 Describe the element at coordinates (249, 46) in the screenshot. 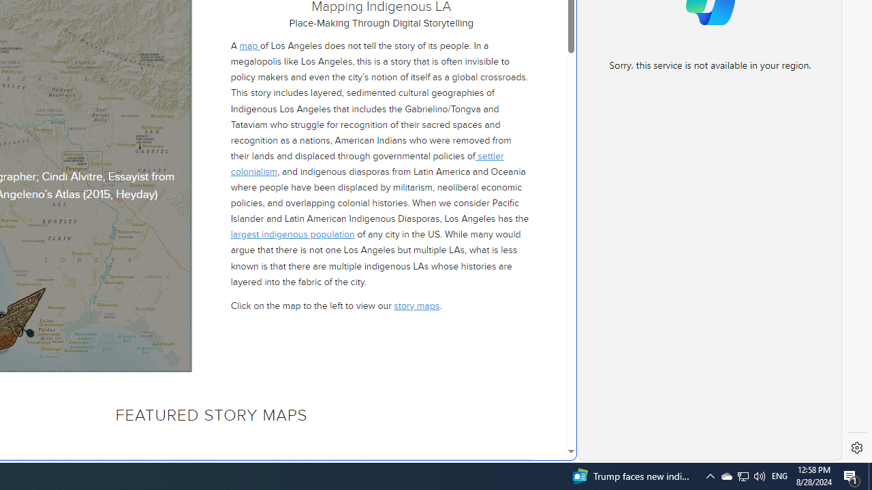

I see `'map '` at that location.